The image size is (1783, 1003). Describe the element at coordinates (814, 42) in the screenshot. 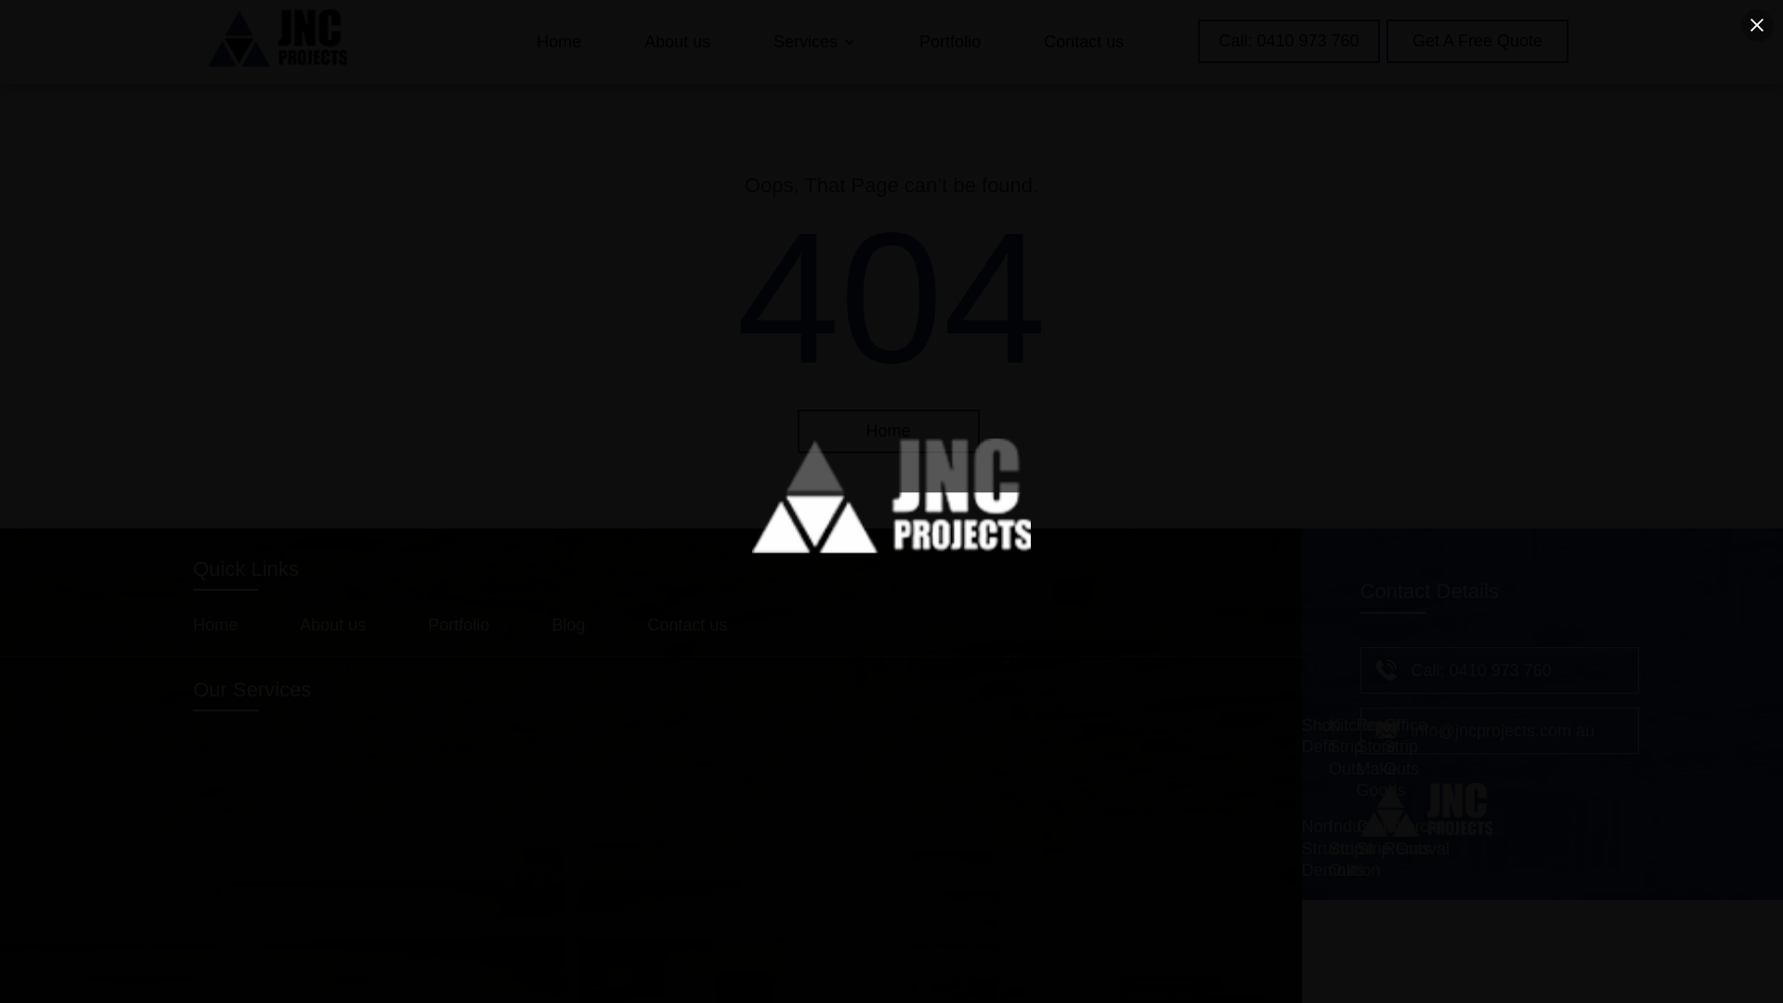

I see `'Services'` at that location.